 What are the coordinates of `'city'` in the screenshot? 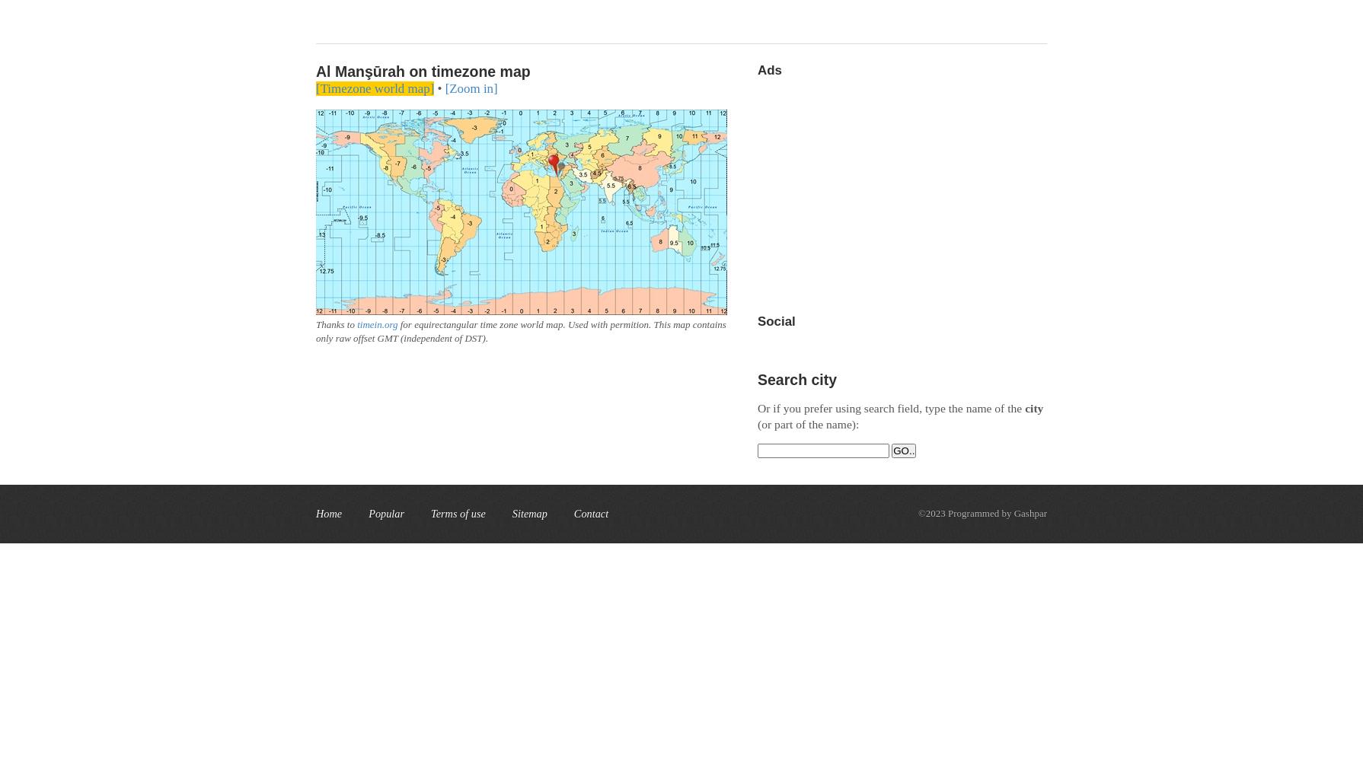 It's located at (1033, 408).